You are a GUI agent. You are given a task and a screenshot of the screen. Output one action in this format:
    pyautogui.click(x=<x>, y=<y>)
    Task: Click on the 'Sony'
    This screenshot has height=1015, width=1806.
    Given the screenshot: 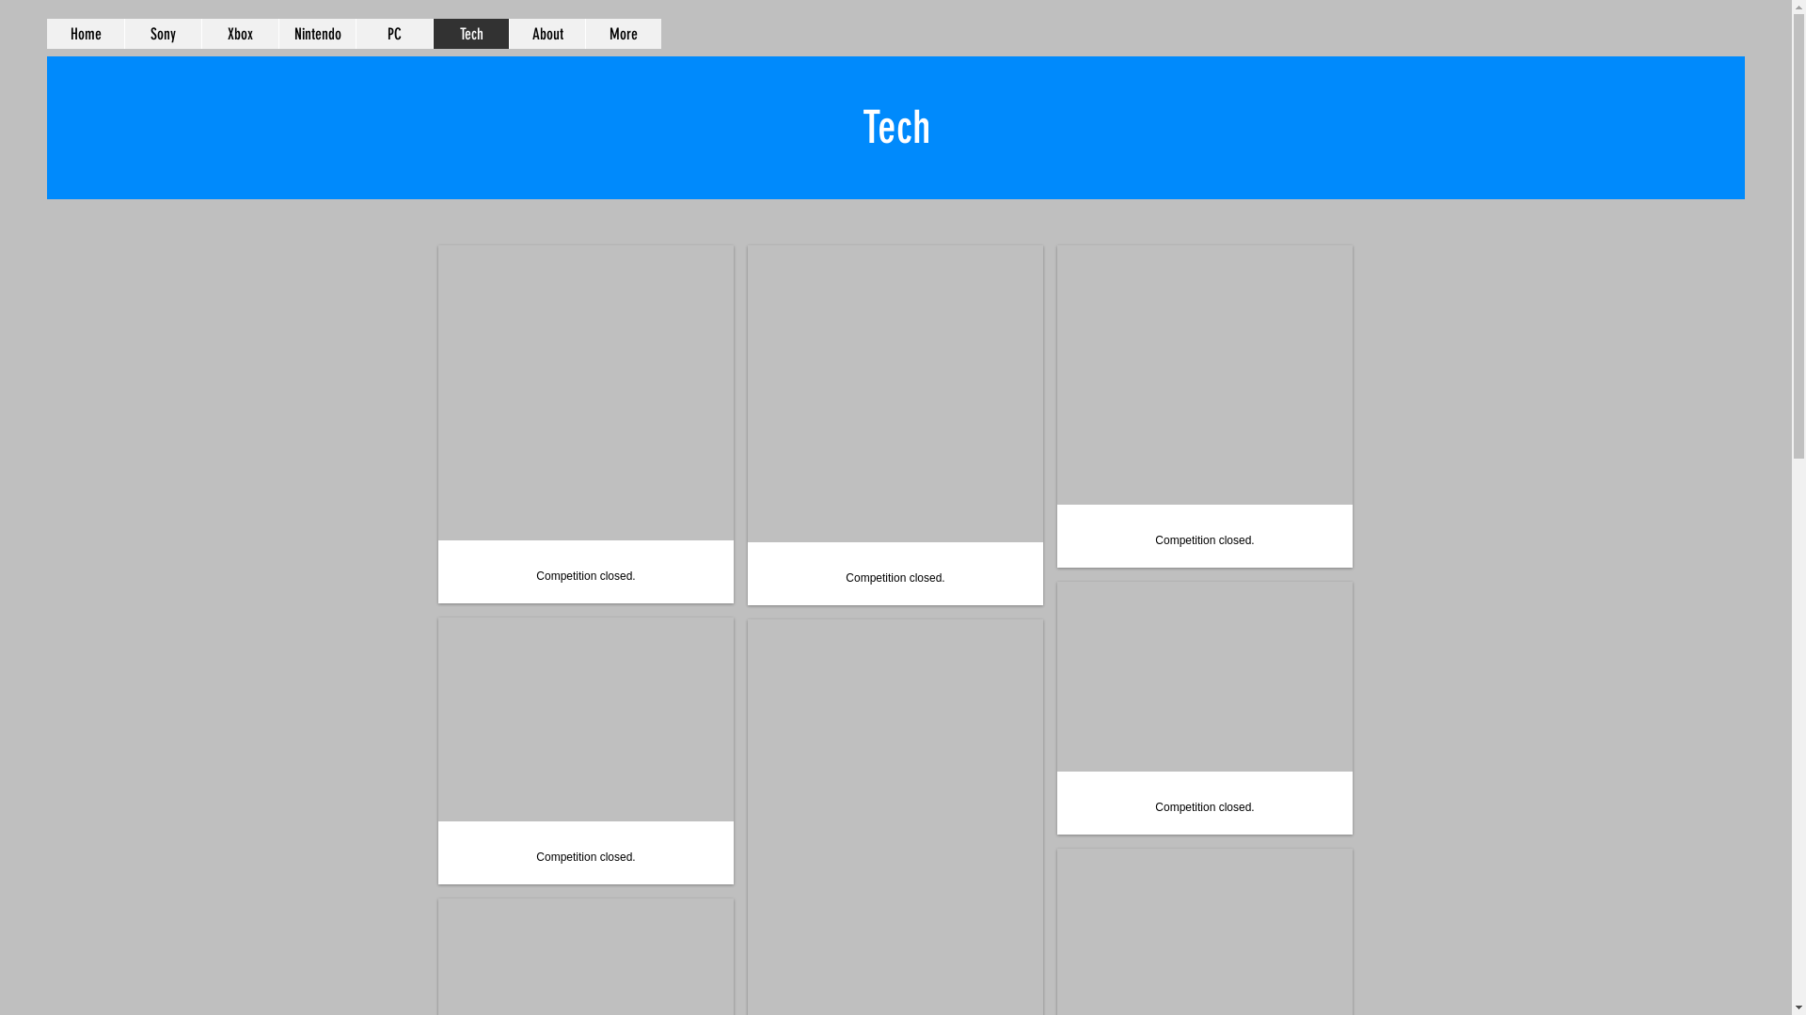 What is the action you would take?
    pyautogui.click(x=162, y=33)
    